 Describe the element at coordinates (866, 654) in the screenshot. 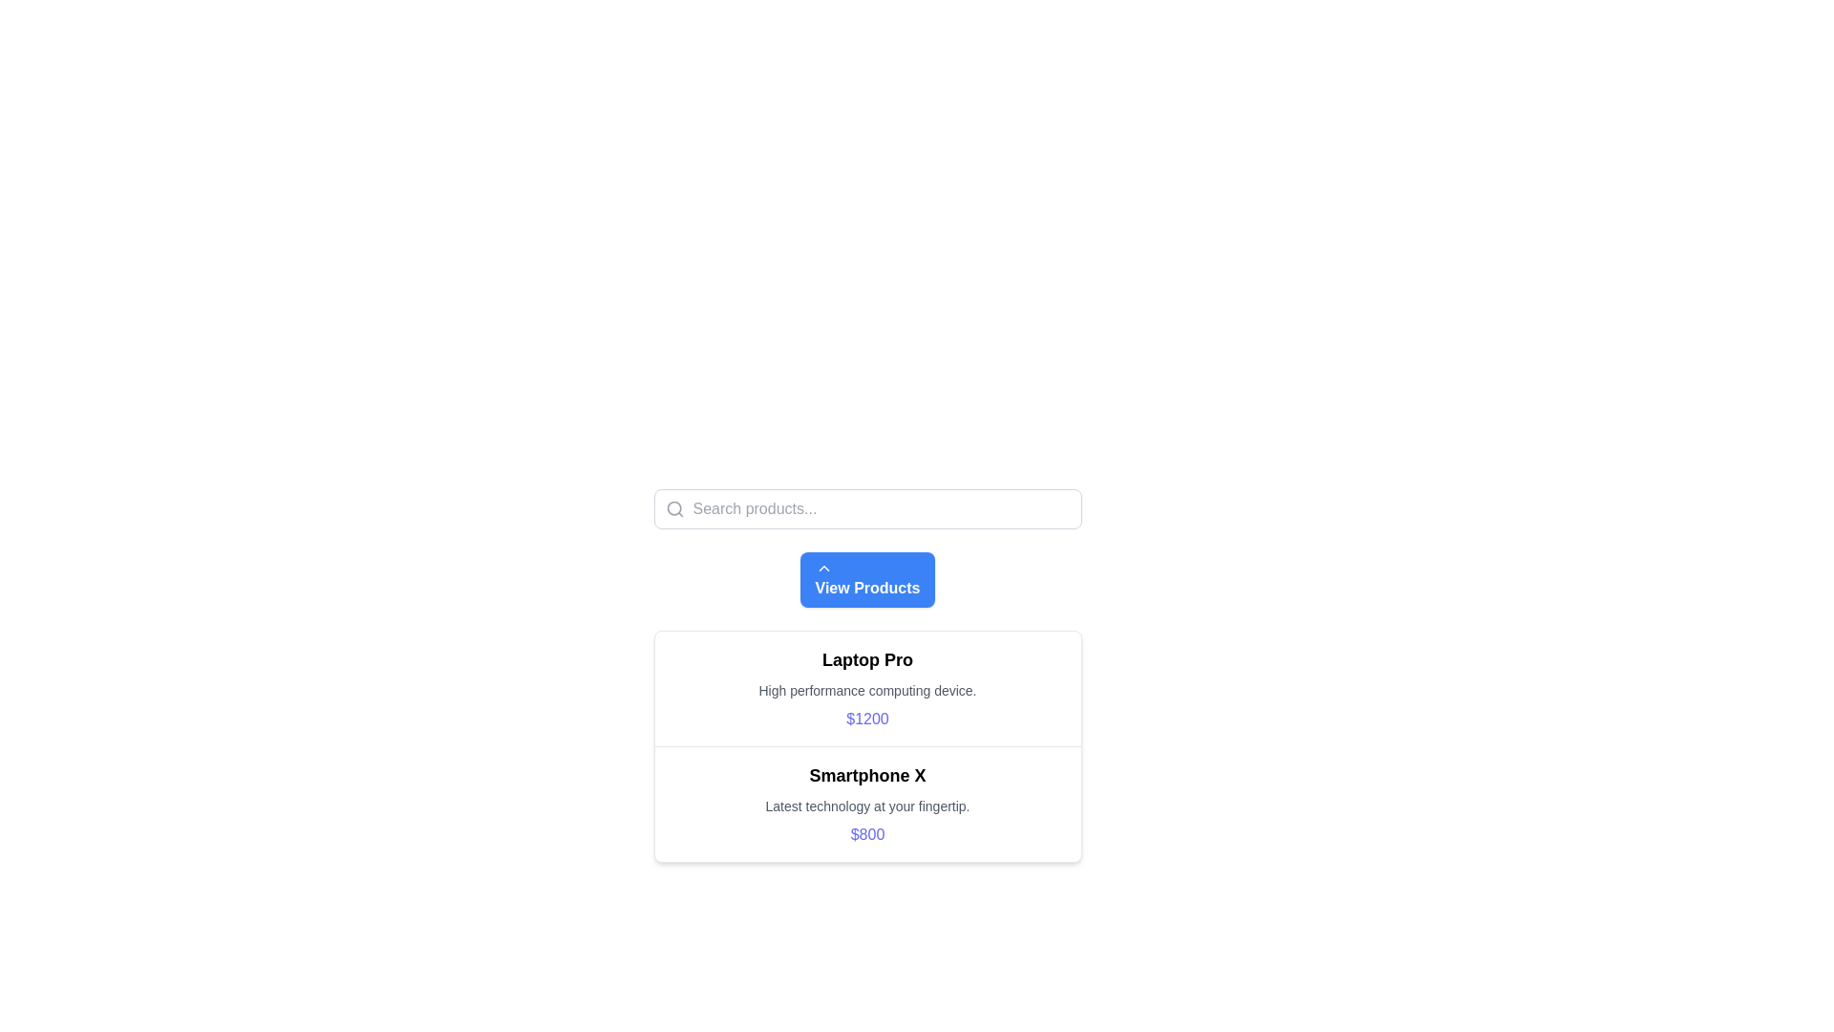

I see `the Product Information Block displaying details for 'Laptop Pro', the first product block in the list below the 'View Products' button` at that location.